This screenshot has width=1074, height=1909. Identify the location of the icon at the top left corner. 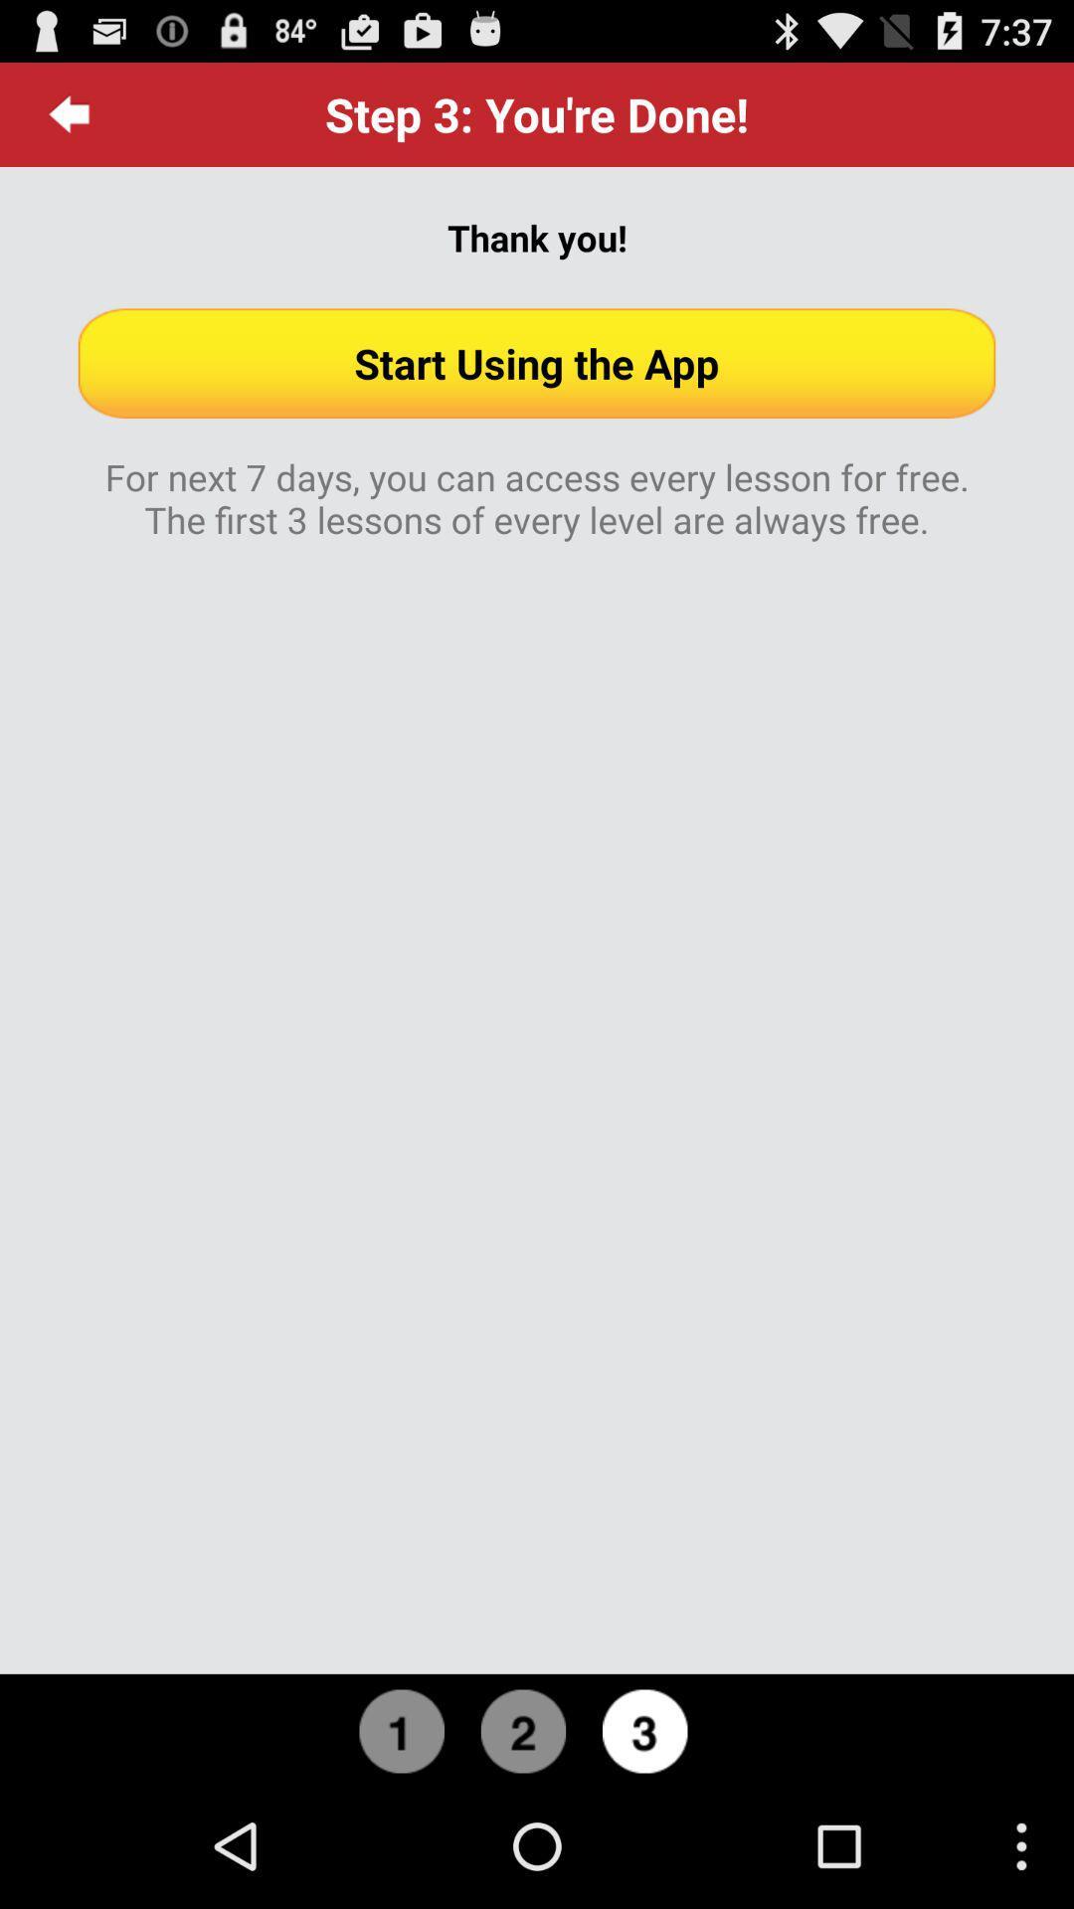
(69, 113).